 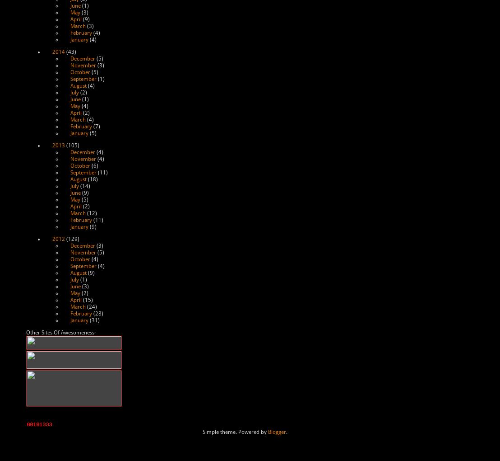 What do you see at coordinates (59, 51) in the screenshot?
I see `'2014'` at bounding box center [59, 51].